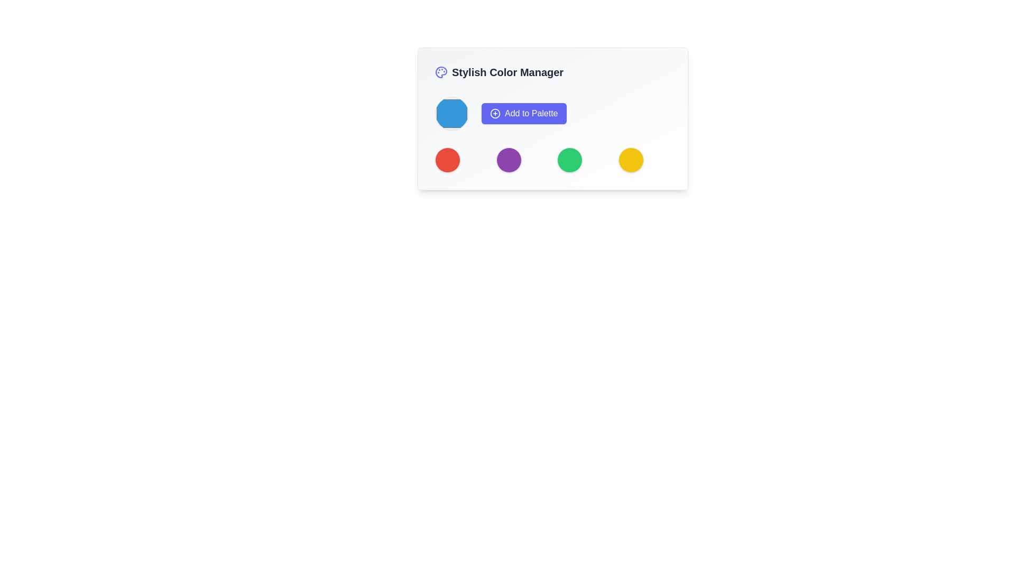 The image size is (1015, 571). What do you see at coordinates (631, 160) in the screenshot?
I see `the fourth circular decorative or selector button with a yellowish color under the 'Stylish Color Manager' section` at bounding box center [631, 160].